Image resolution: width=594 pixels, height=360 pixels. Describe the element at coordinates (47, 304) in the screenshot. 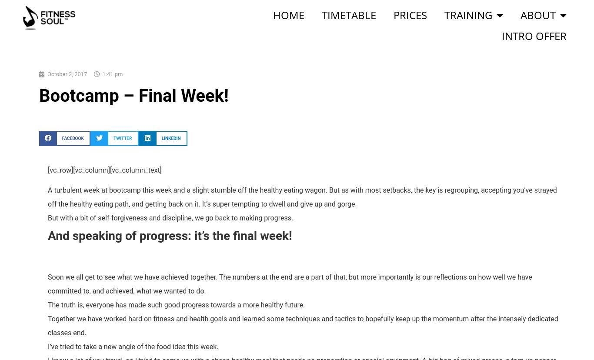

I see `'The truth is, everyone has made such good progress towards a more healthy future.'` at that location.